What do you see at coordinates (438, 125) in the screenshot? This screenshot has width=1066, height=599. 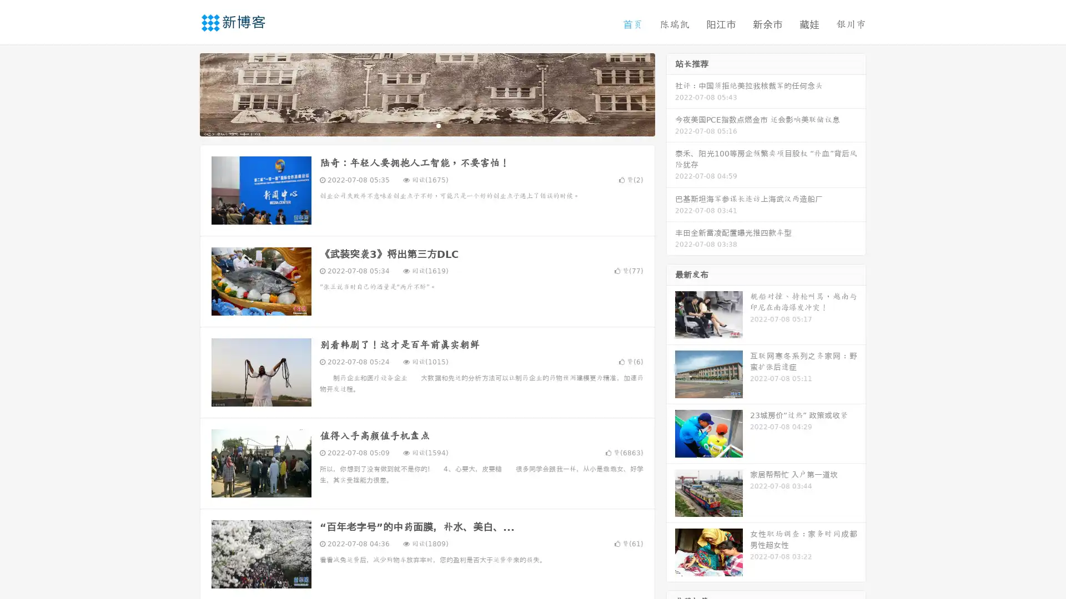 I see `Go to slide 3` at bounding box center [438, 125].